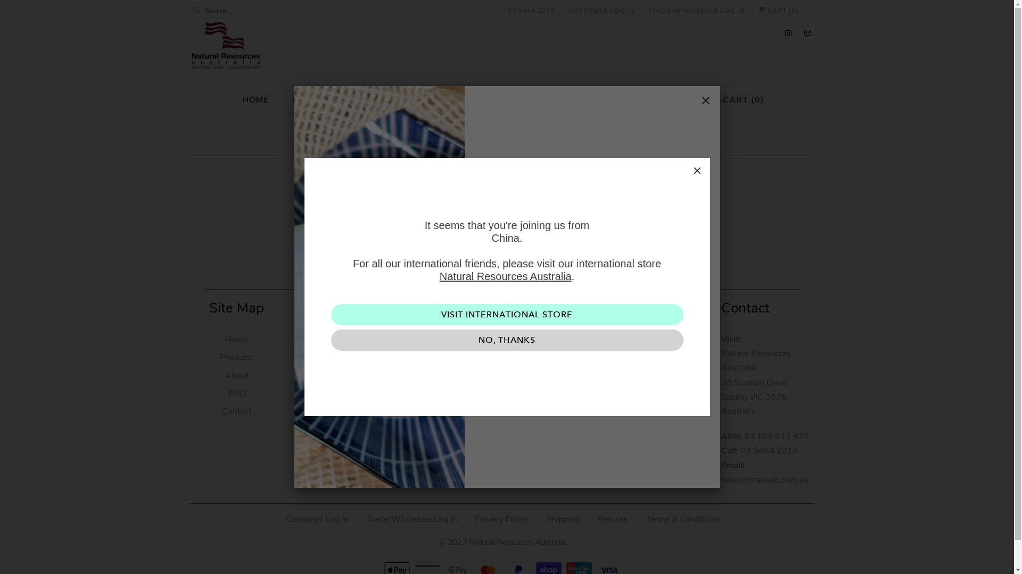 This screenshot has height=574, width=1022. Describe the element at coordinates (236, 357) in the screenshot. I see `'Products'` at that location.